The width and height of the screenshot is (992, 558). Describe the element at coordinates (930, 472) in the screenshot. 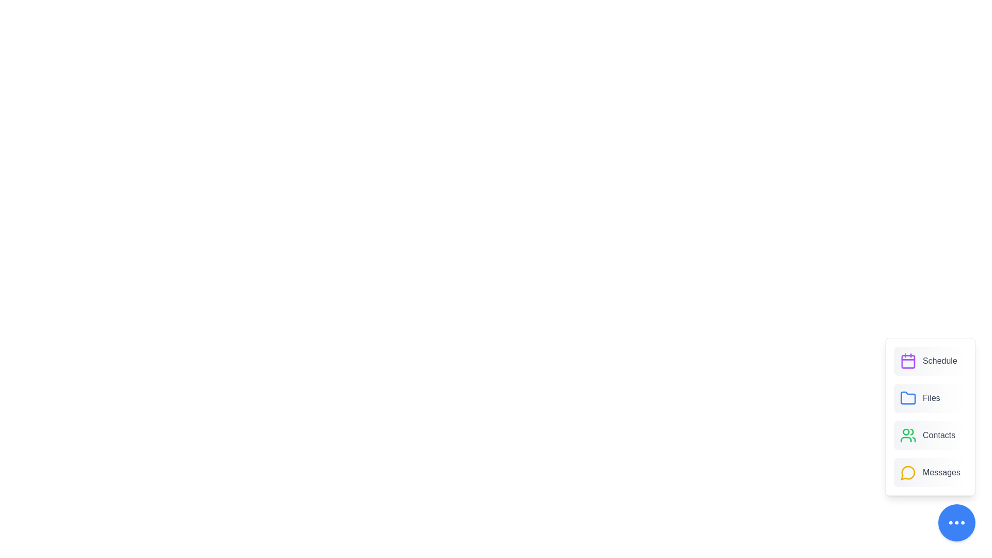

I see `the 'Messages' button to select it` at that location.